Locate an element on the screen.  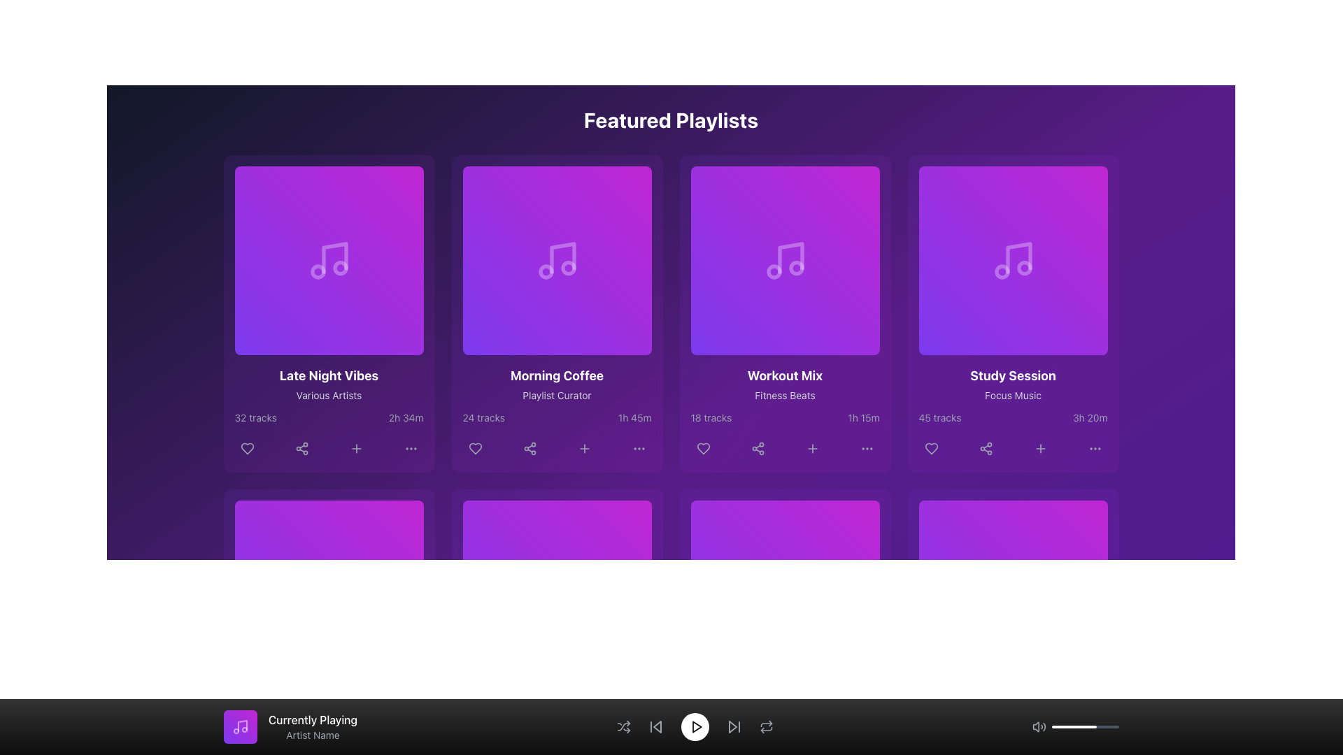
the small light-colored circle located within the musical note icon of the 'Workout Mix' playlist card, which is the rightmost circle in the third card of the featured playlists row is located at coordinates (796, 268).